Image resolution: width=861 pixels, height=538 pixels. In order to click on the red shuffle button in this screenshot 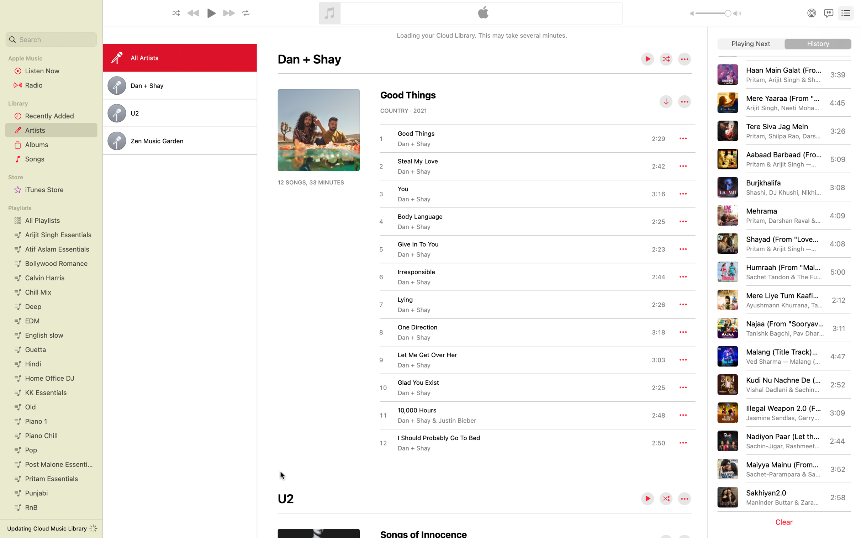, I will do `click(666, 59)`.